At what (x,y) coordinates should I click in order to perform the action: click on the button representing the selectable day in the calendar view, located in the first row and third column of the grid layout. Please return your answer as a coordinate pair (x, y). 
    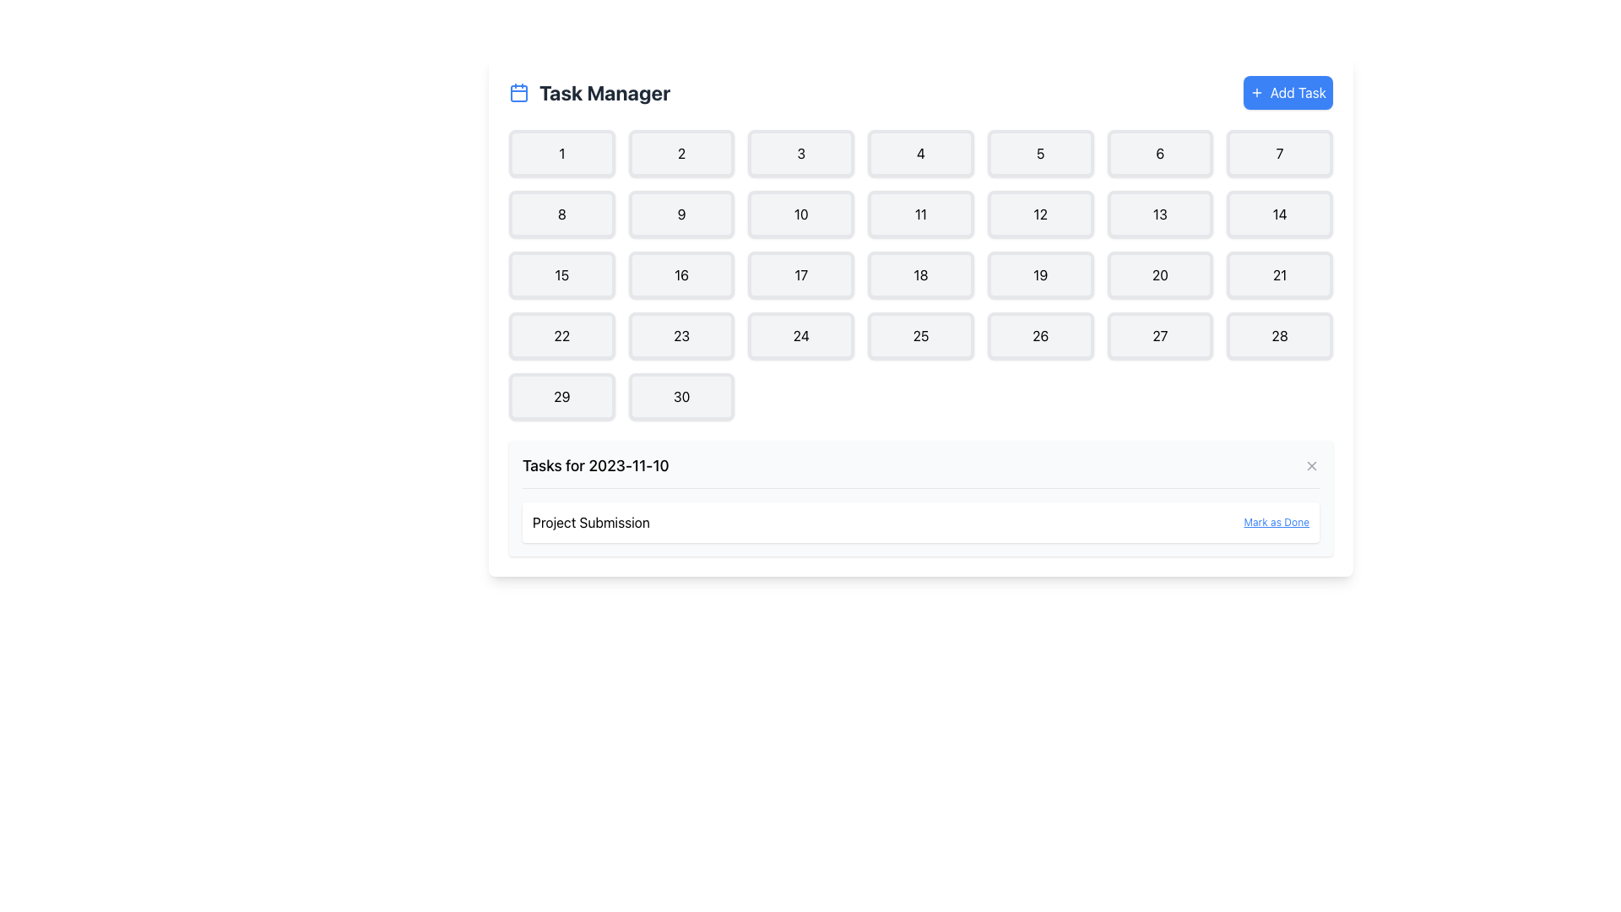
    Looking at the image, I should click on (800, 153).